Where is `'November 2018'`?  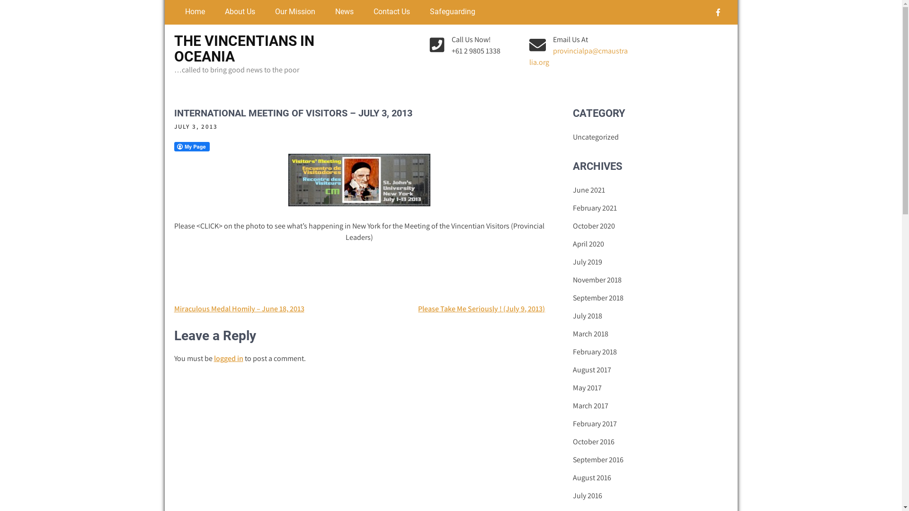
'November 2018' is located at coordinates (597, 279).